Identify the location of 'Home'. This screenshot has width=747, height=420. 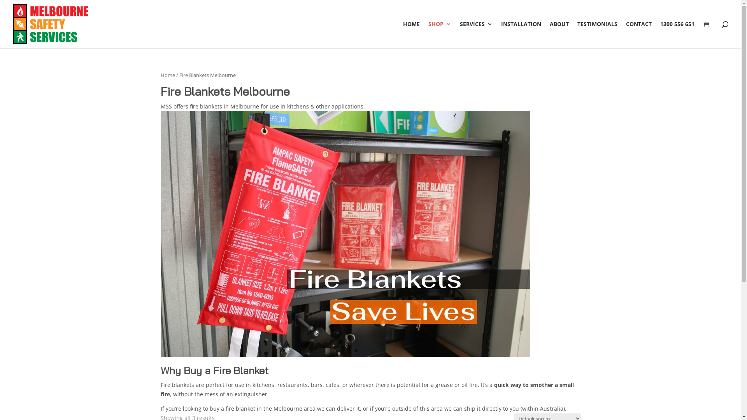
(160, 75).